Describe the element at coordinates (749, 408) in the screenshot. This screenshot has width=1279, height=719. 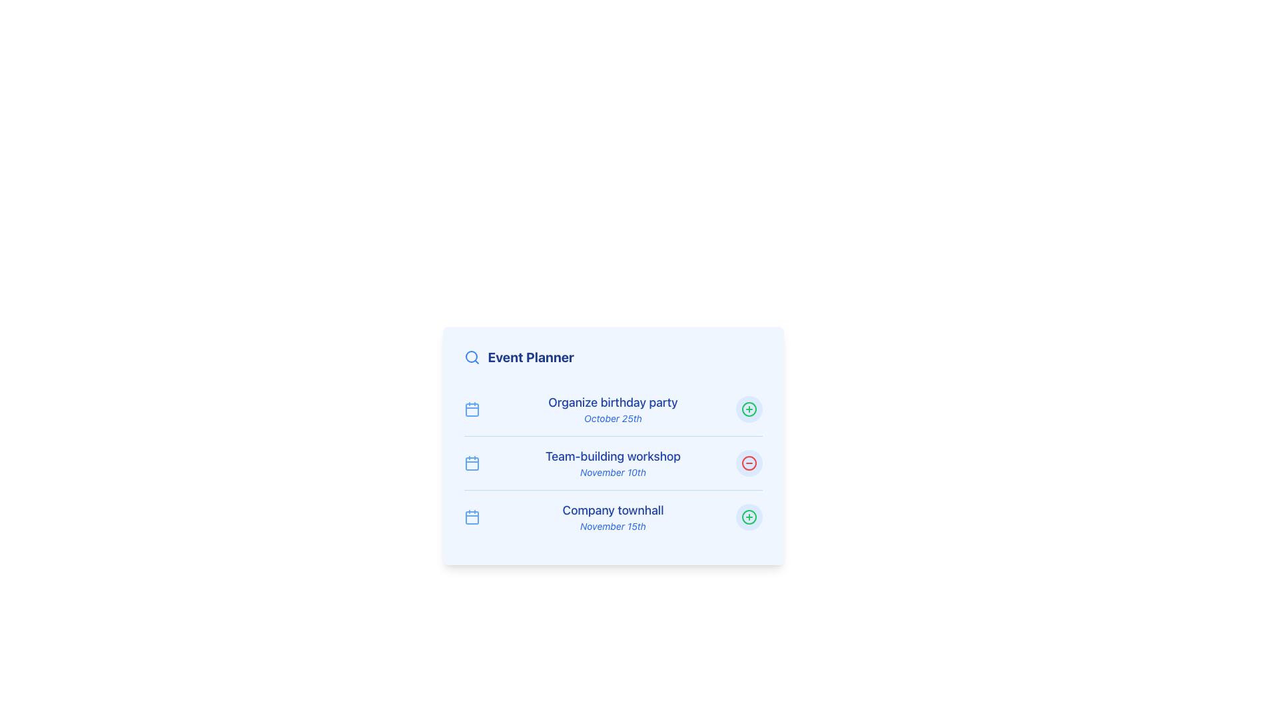
I see `the rounded blue button with a green circular icon featuring a plus sign, located to the right of 'Organize birthday party' and 'October 25th'` at that location.